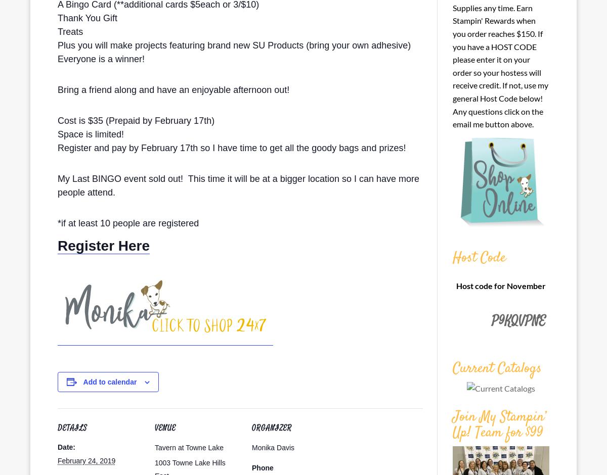 This screenshot has height=475, width=607. I want to click on 'Phone', so click(262, 467).